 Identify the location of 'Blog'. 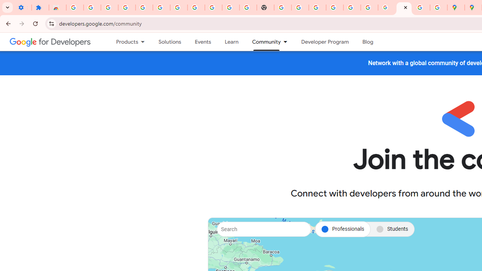
(368, 42).